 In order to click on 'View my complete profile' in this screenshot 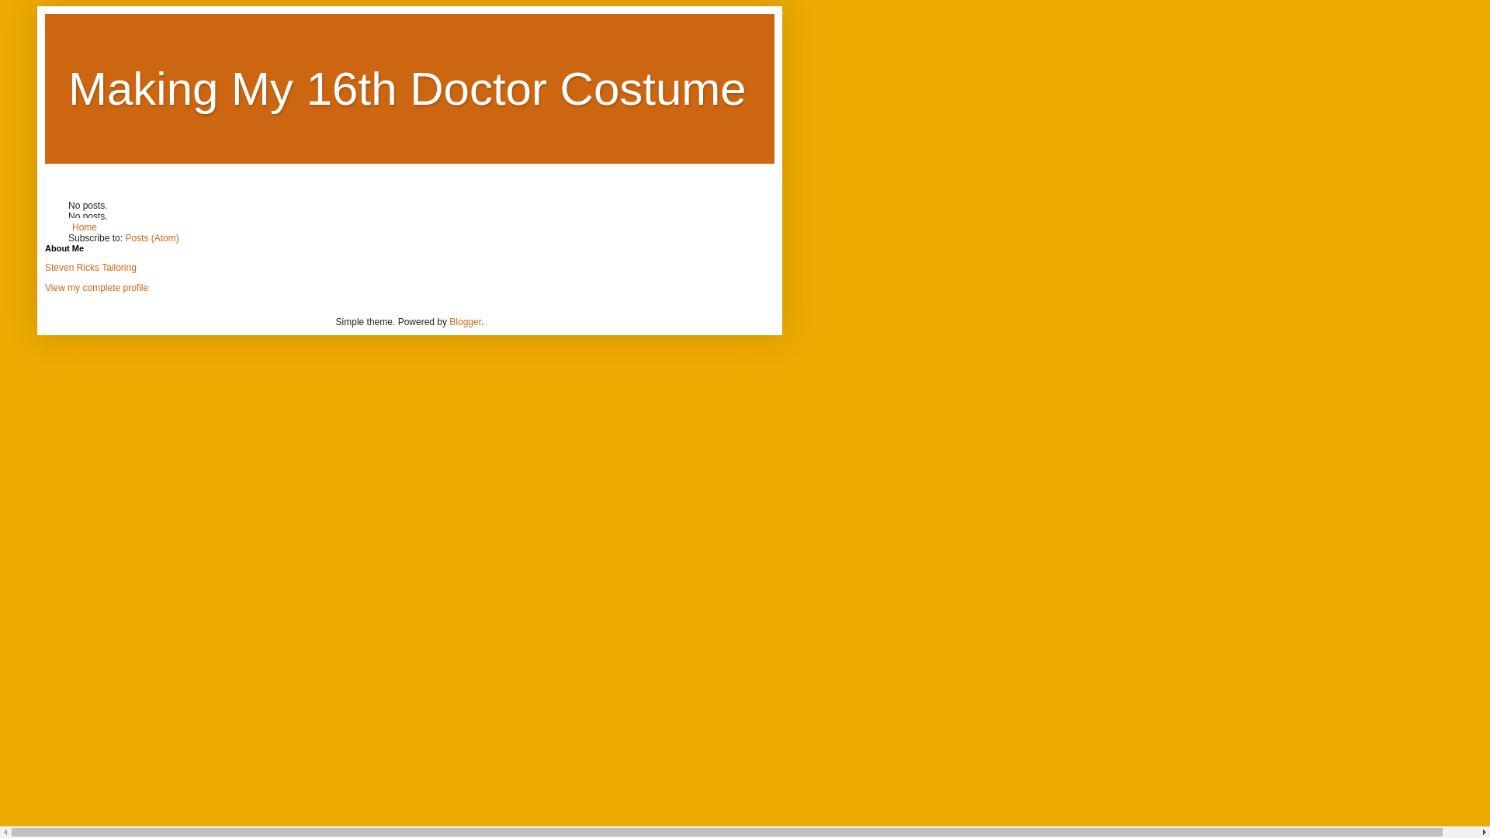, I will do `click(95, 287)`.